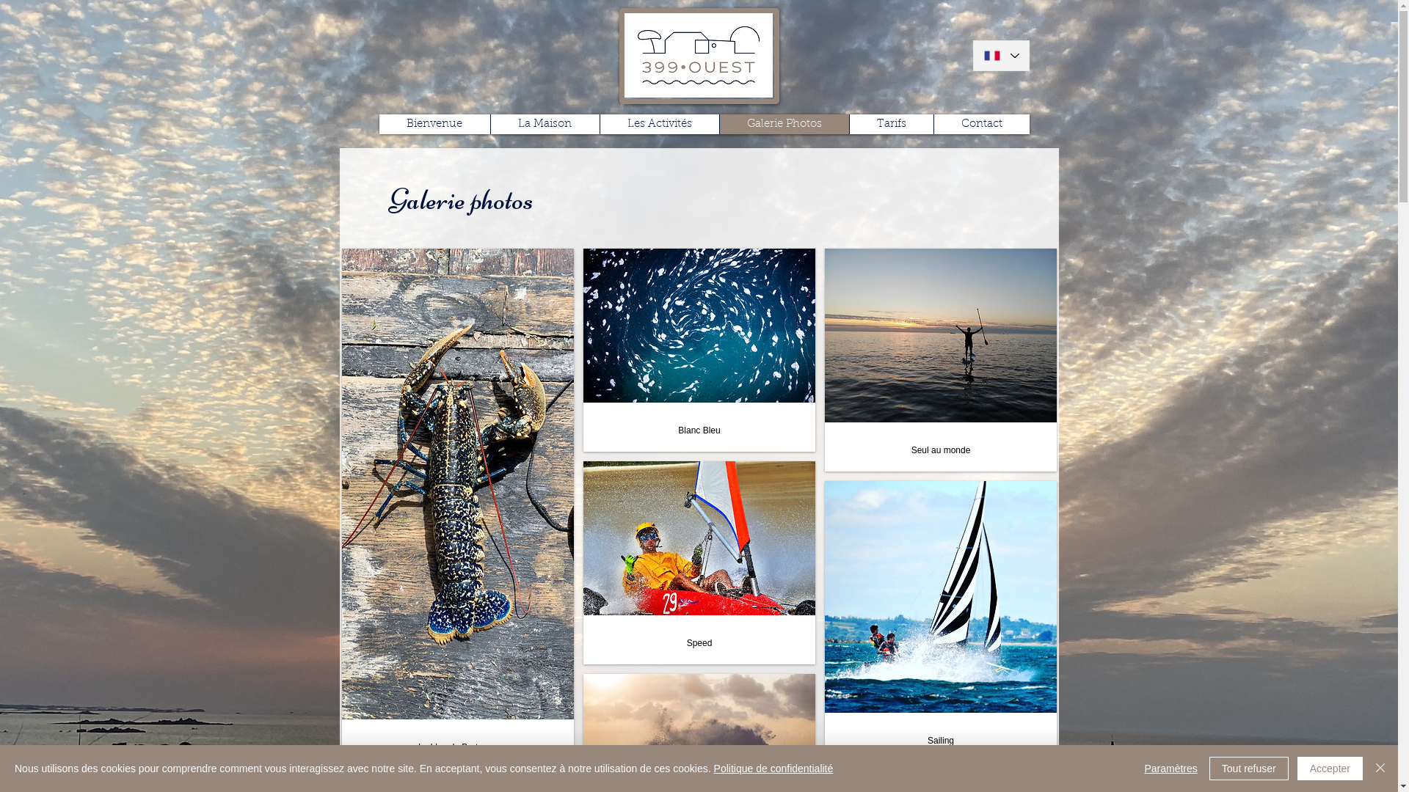 The image size is (1409, 792). What do you see at coordinates (433, 123) in the screenshot?
I see `'Bienvenue'` at bounding box center [433, 123].